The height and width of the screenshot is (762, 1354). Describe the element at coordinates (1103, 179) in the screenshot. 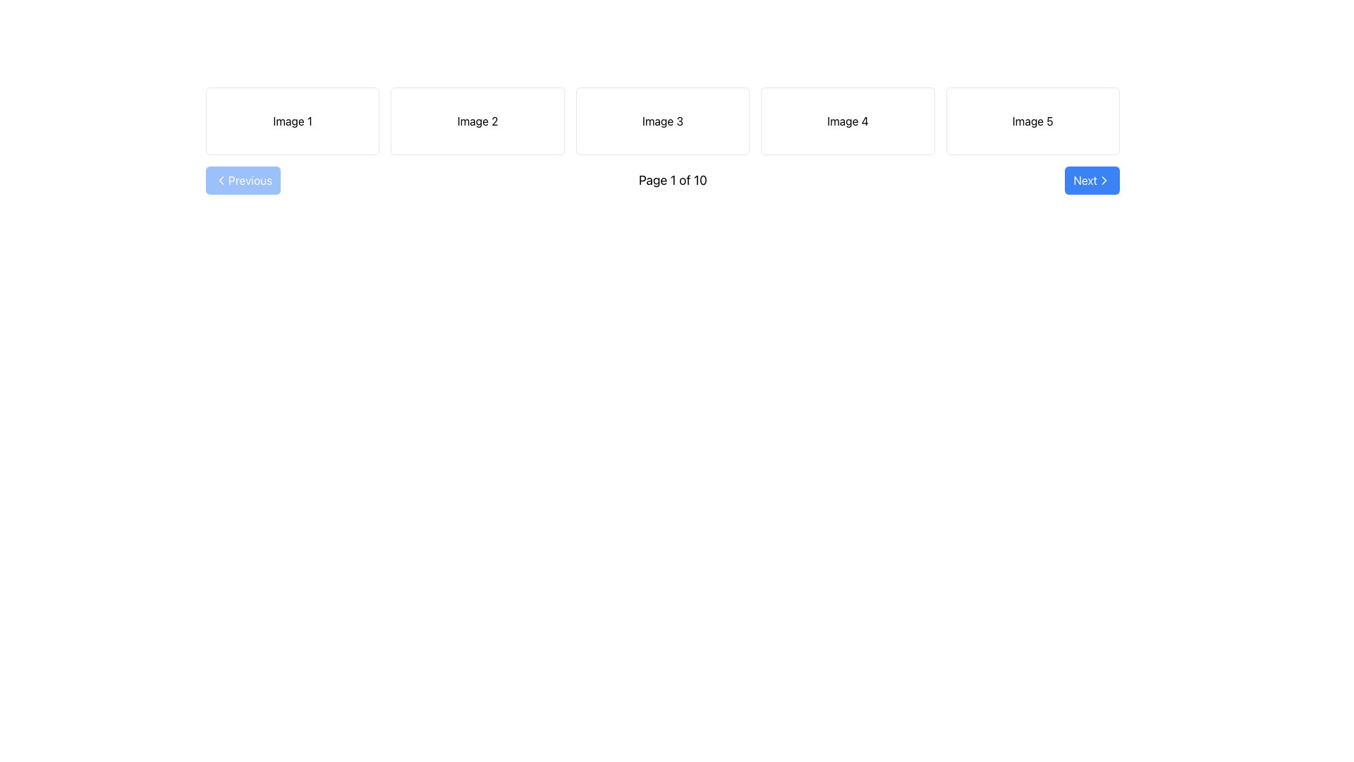

I see `the right-facing chevron icon within the 'Next' button, which indicates an action to move to the next page or item in a sequence` at that location.